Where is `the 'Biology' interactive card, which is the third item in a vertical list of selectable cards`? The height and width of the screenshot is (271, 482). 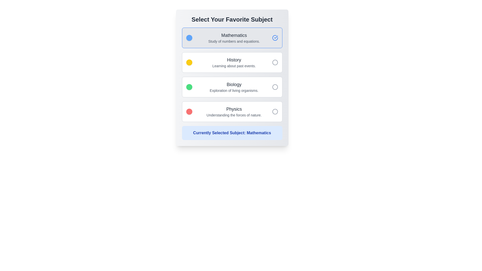 the 'Biology' interactive card, which is the third item in a vertical list of selectable cards is located at coordinates (232, 87).